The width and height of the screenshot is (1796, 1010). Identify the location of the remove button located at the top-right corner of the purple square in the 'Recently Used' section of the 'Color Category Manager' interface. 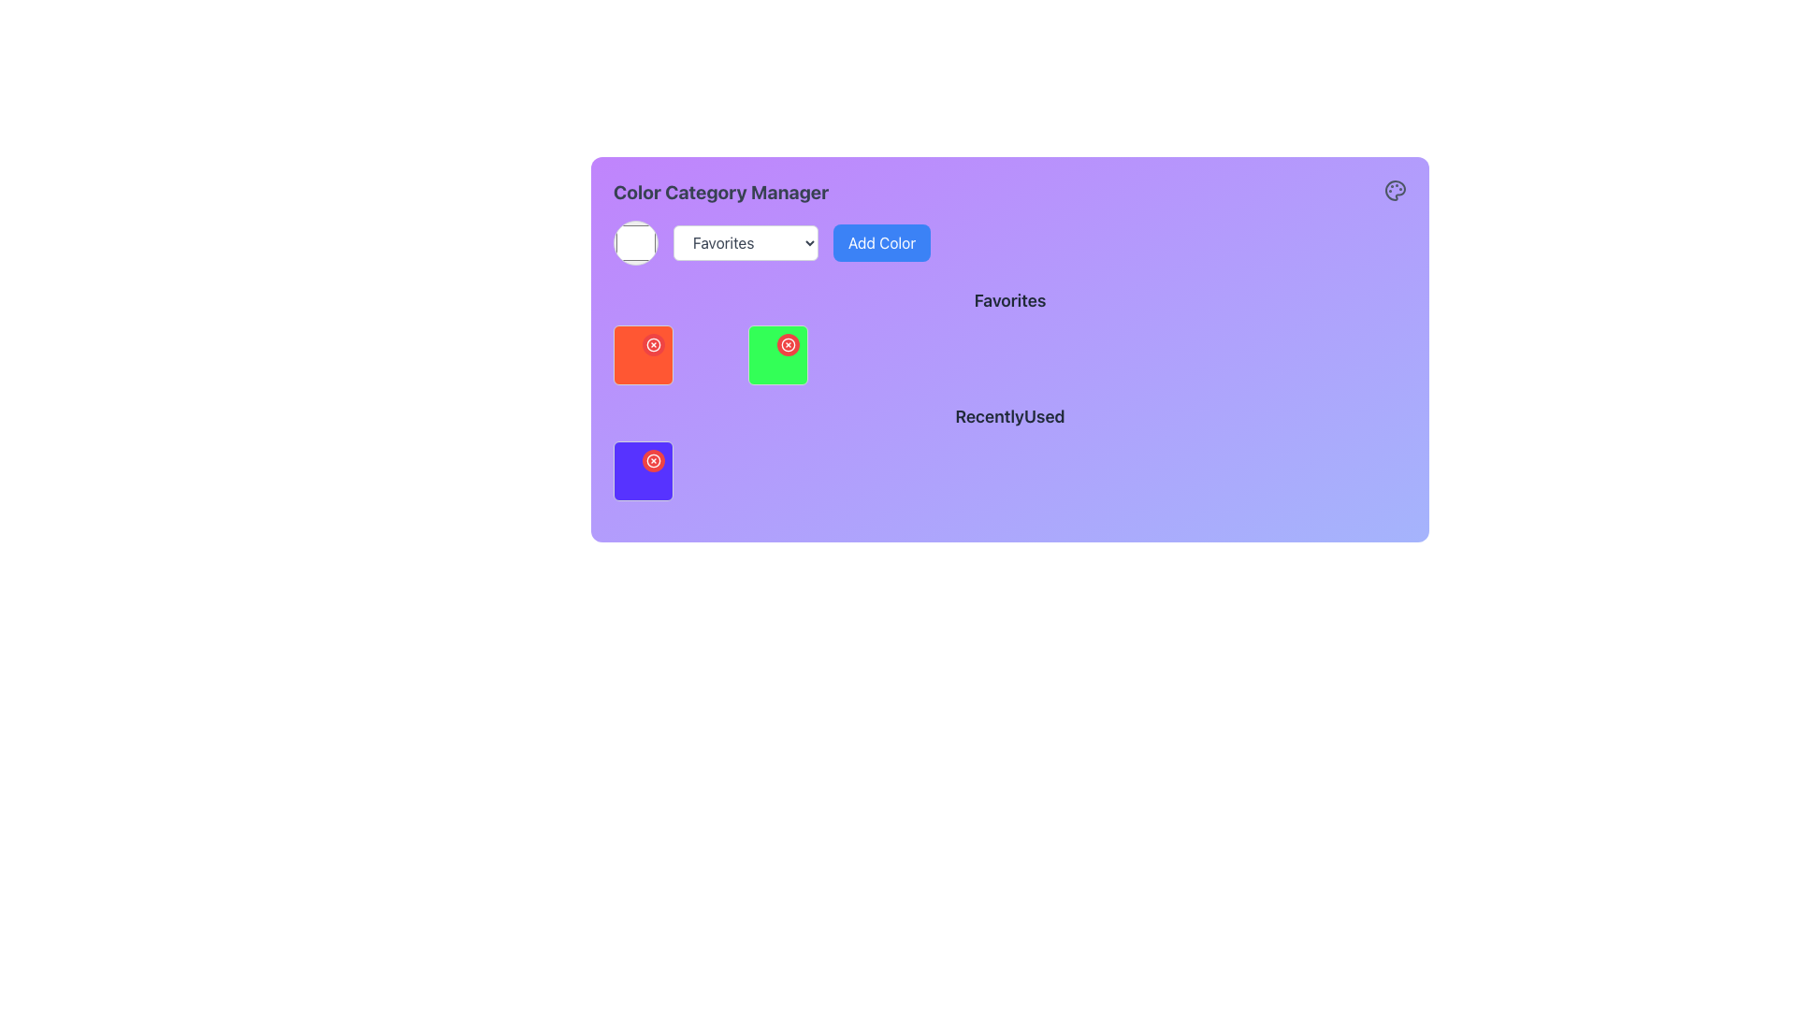
(654, 461).